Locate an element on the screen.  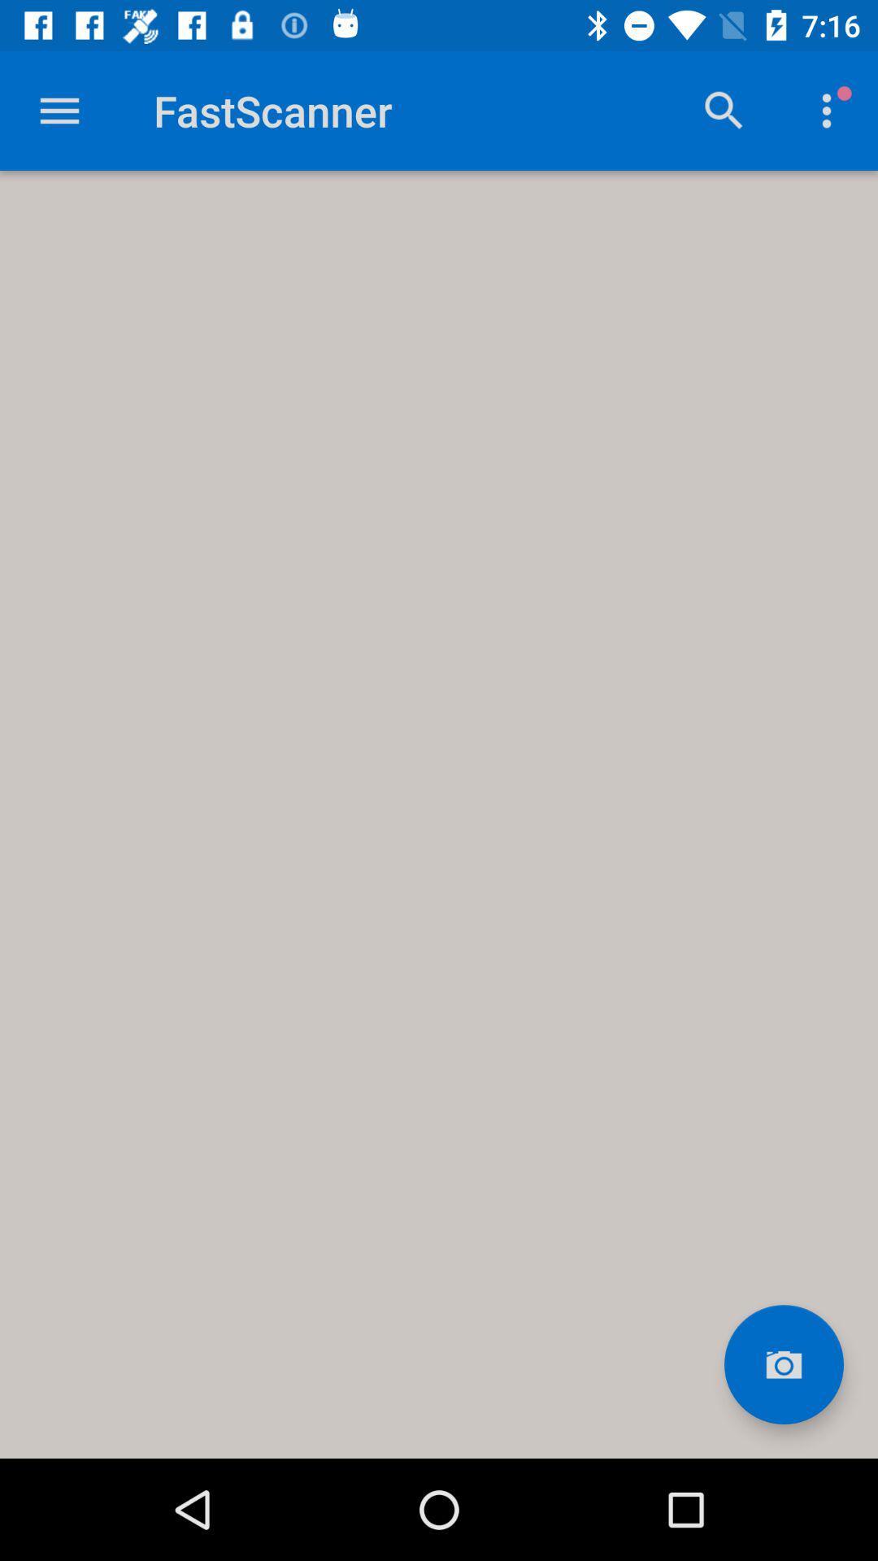
open main menu is located at coordinates (59, 110).